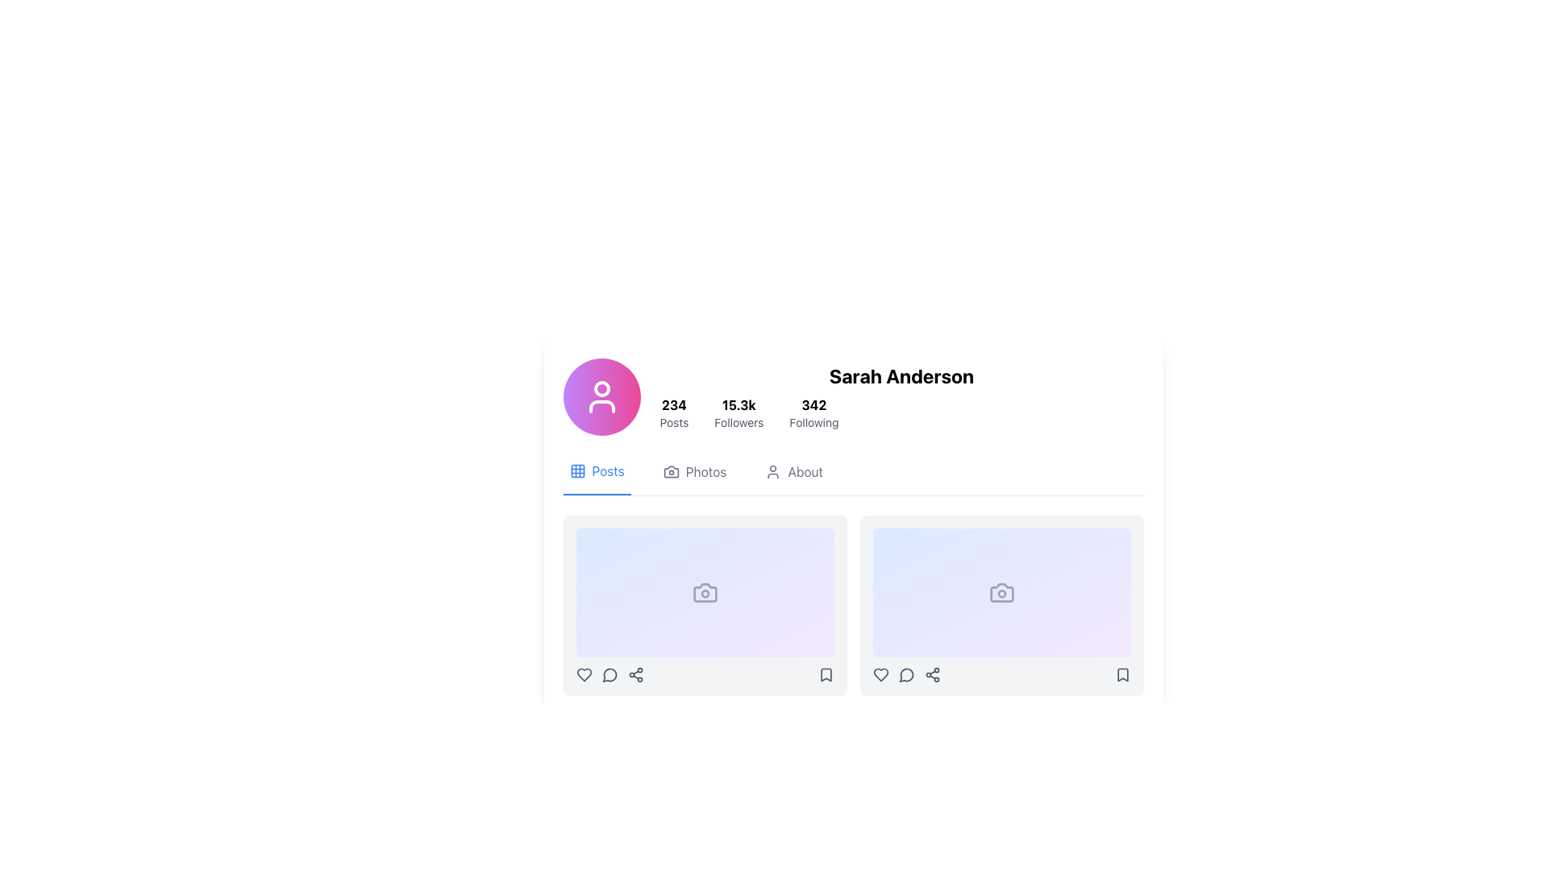  What do you see at coordinates (609, 674) in the screenshot?
I see `the speech bubble icon in the action bar below the post` at bounding box center [609, 674].